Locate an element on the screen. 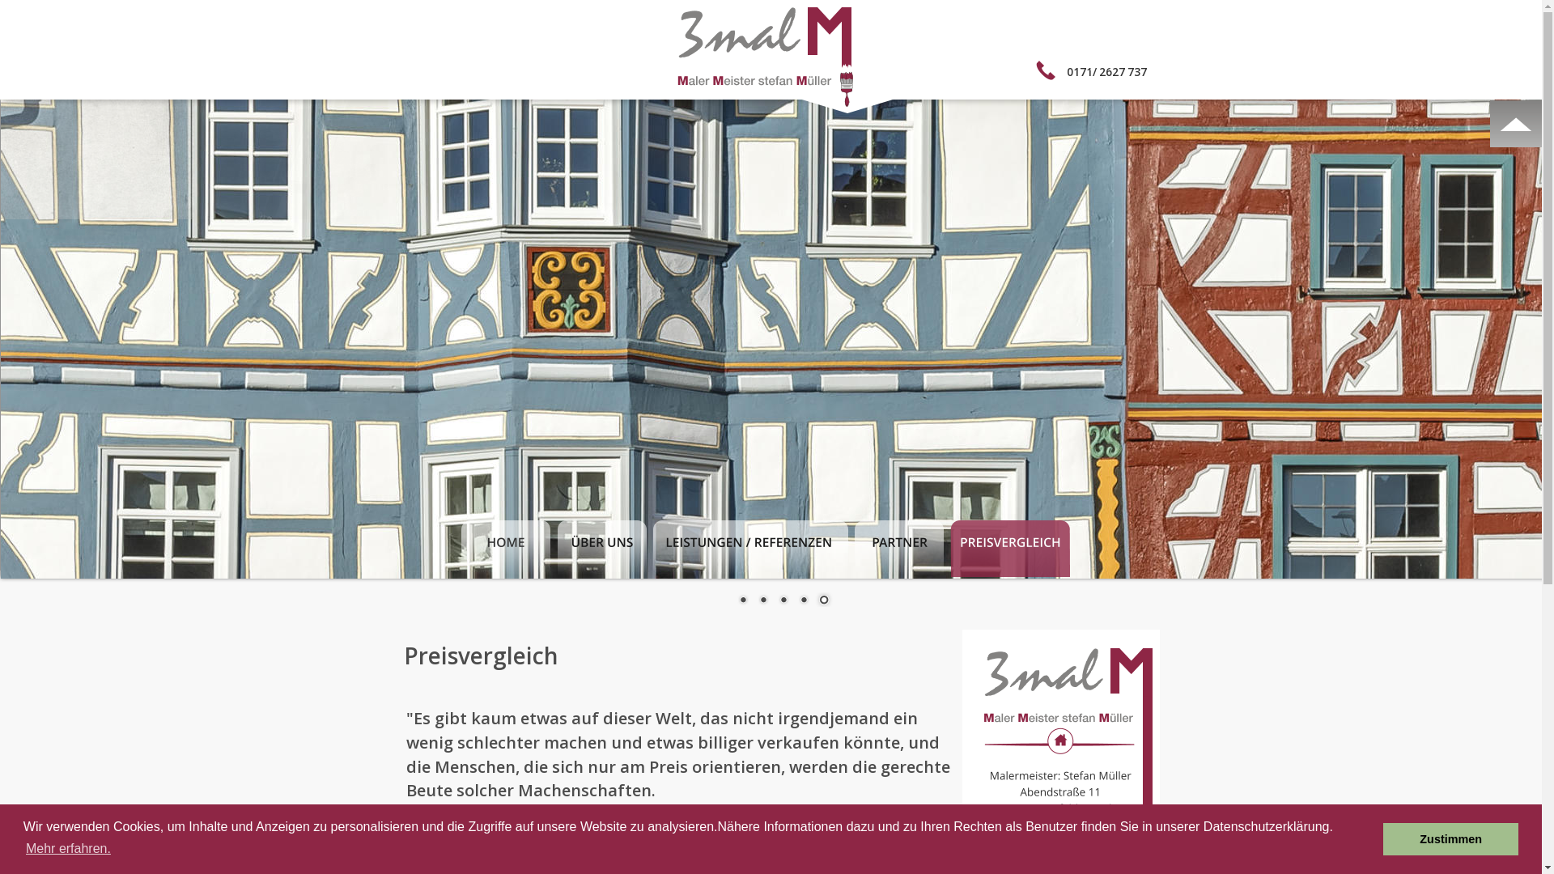 The image size is (1554, 874). '/' is located at coordinates (1094, 70).